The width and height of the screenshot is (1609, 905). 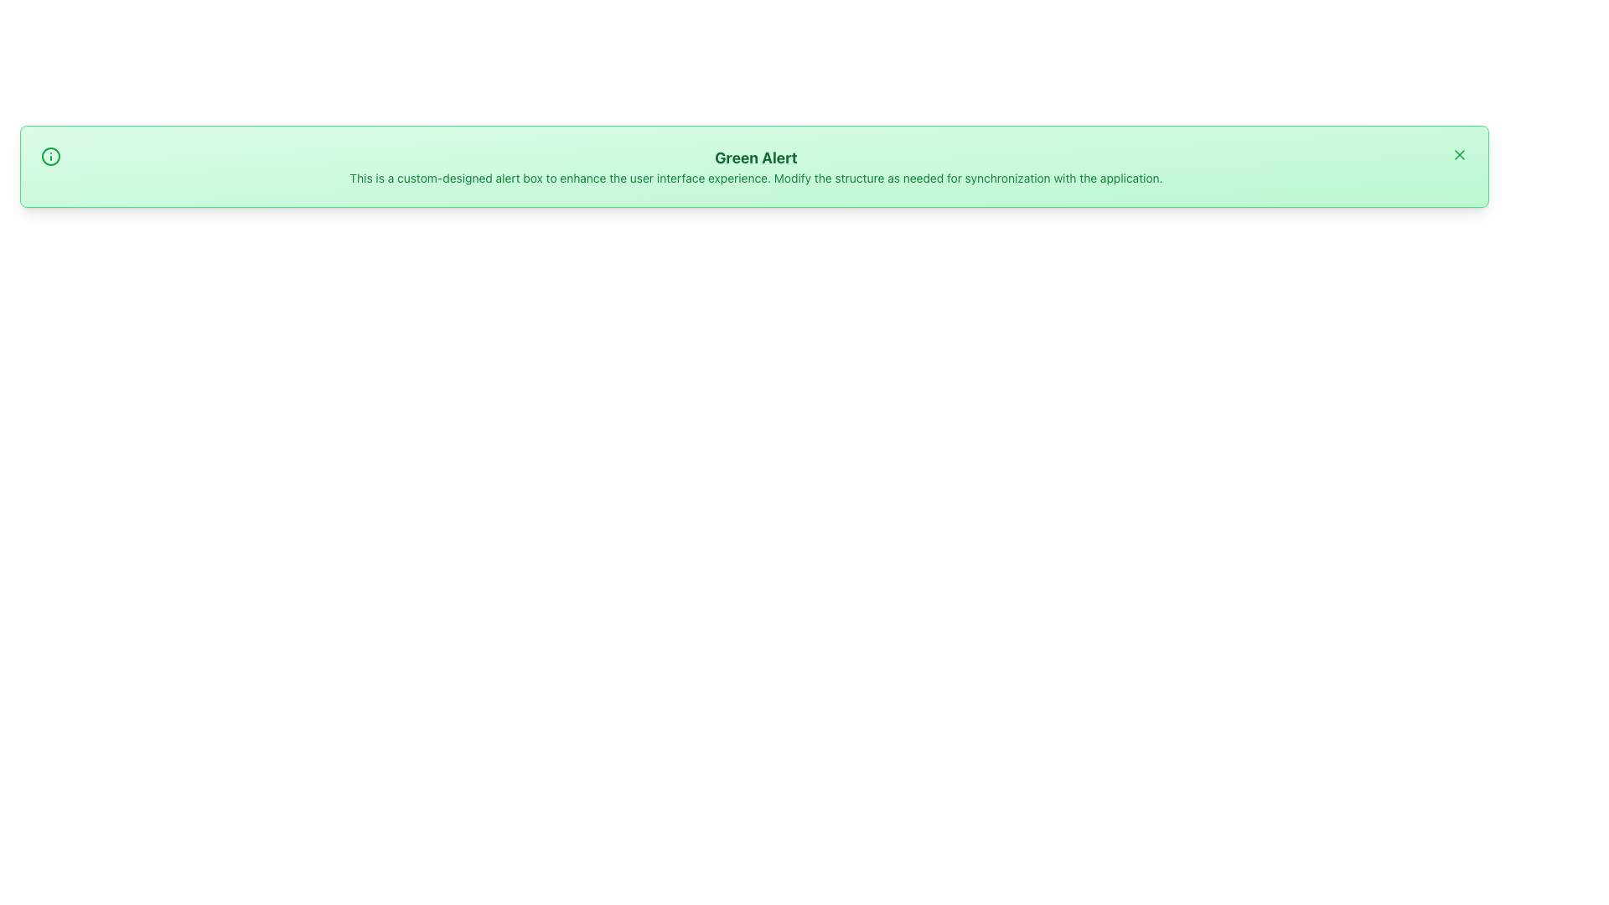 I want to click on the close button located at the top-right corner of the green notification bar for keyboard accessibility, so click(x=1459, y=155).